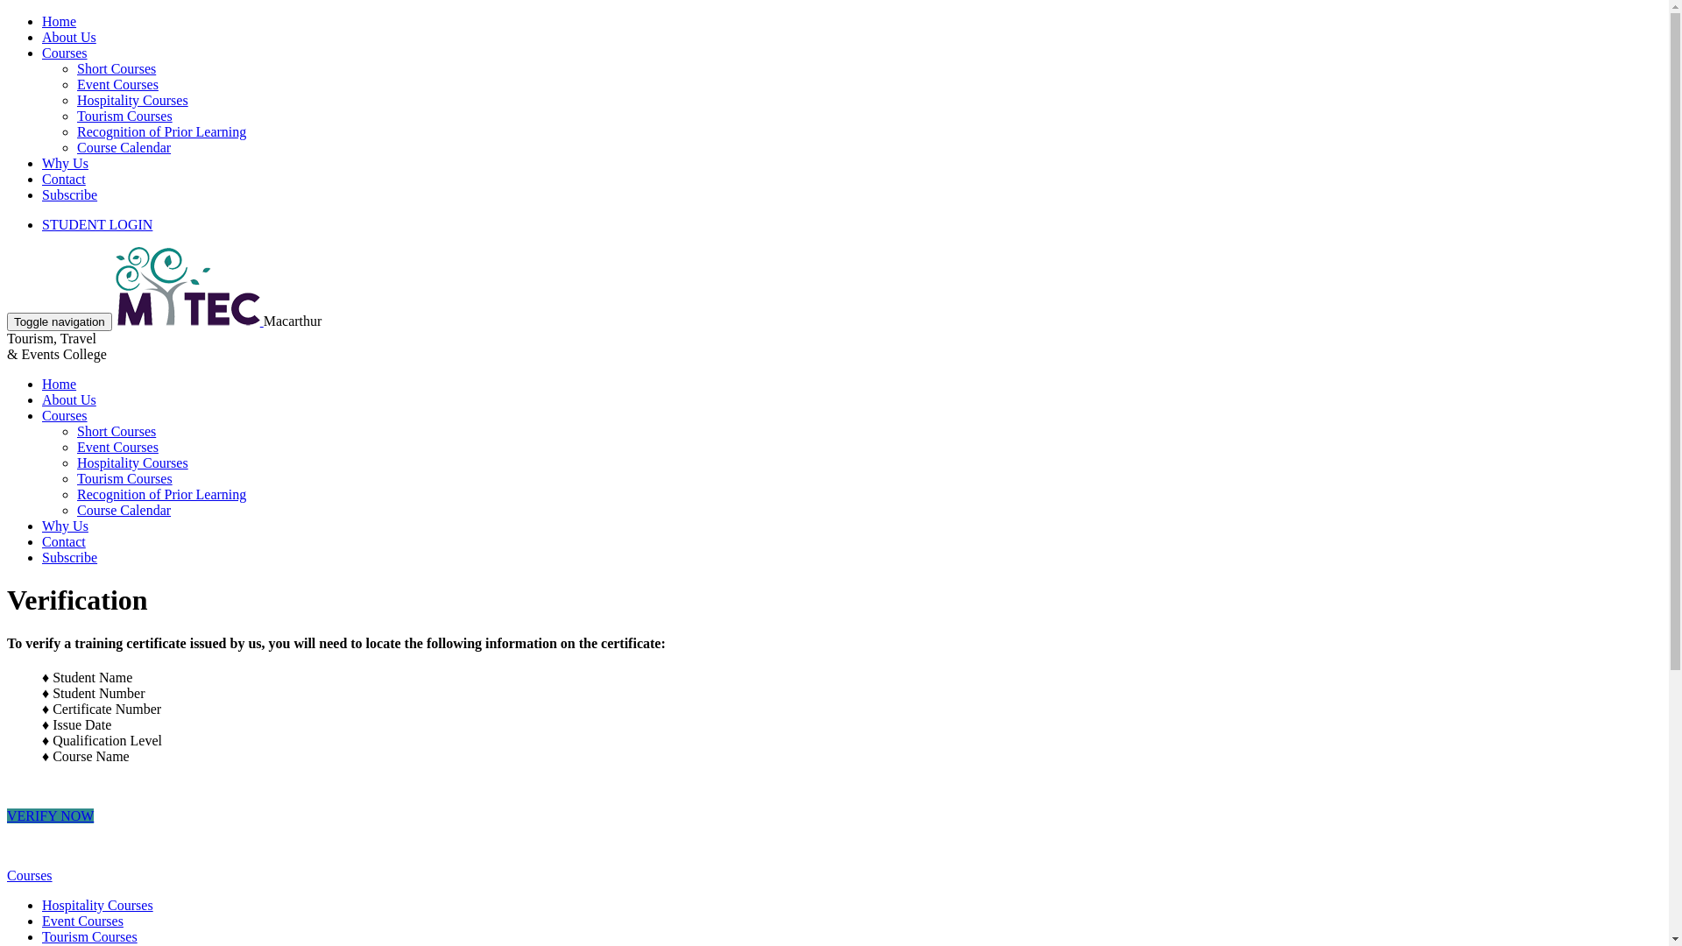 This screenshot has height=946, width=1682. What do you see at coordinates (161, 494) in the screenshot?
I see `'Recognition of Prior Learning'` at bounding box center [161, 494].